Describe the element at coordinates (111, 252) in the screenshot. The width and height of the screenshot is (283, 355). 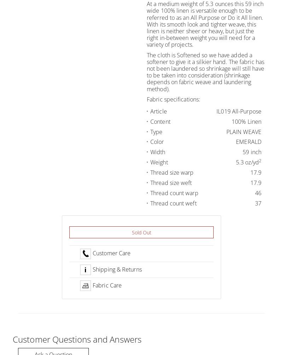
I see `'Customer Care'` at that location.